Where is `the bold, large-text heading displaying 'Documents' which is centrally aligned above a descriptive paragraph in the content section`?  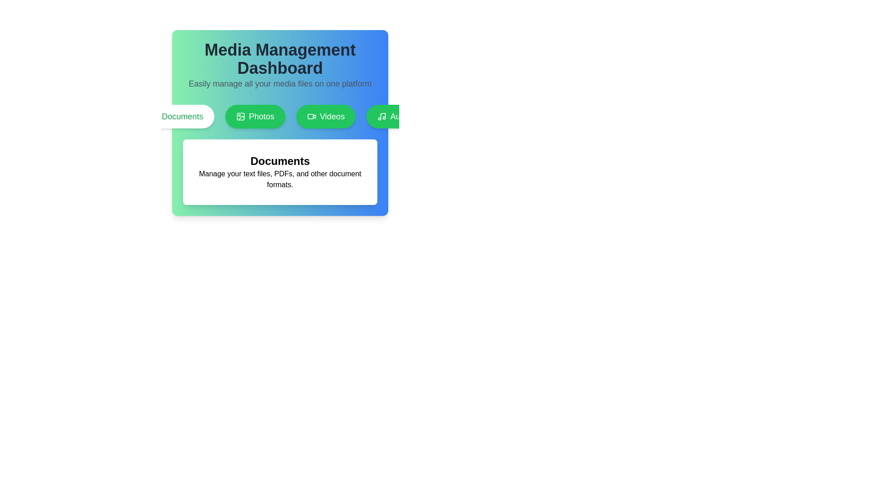
the bold, large-text heading displaying 'Documents' which is centrally aligned above a descriptive paragraph in the content section is located at coordinates (279, 161).